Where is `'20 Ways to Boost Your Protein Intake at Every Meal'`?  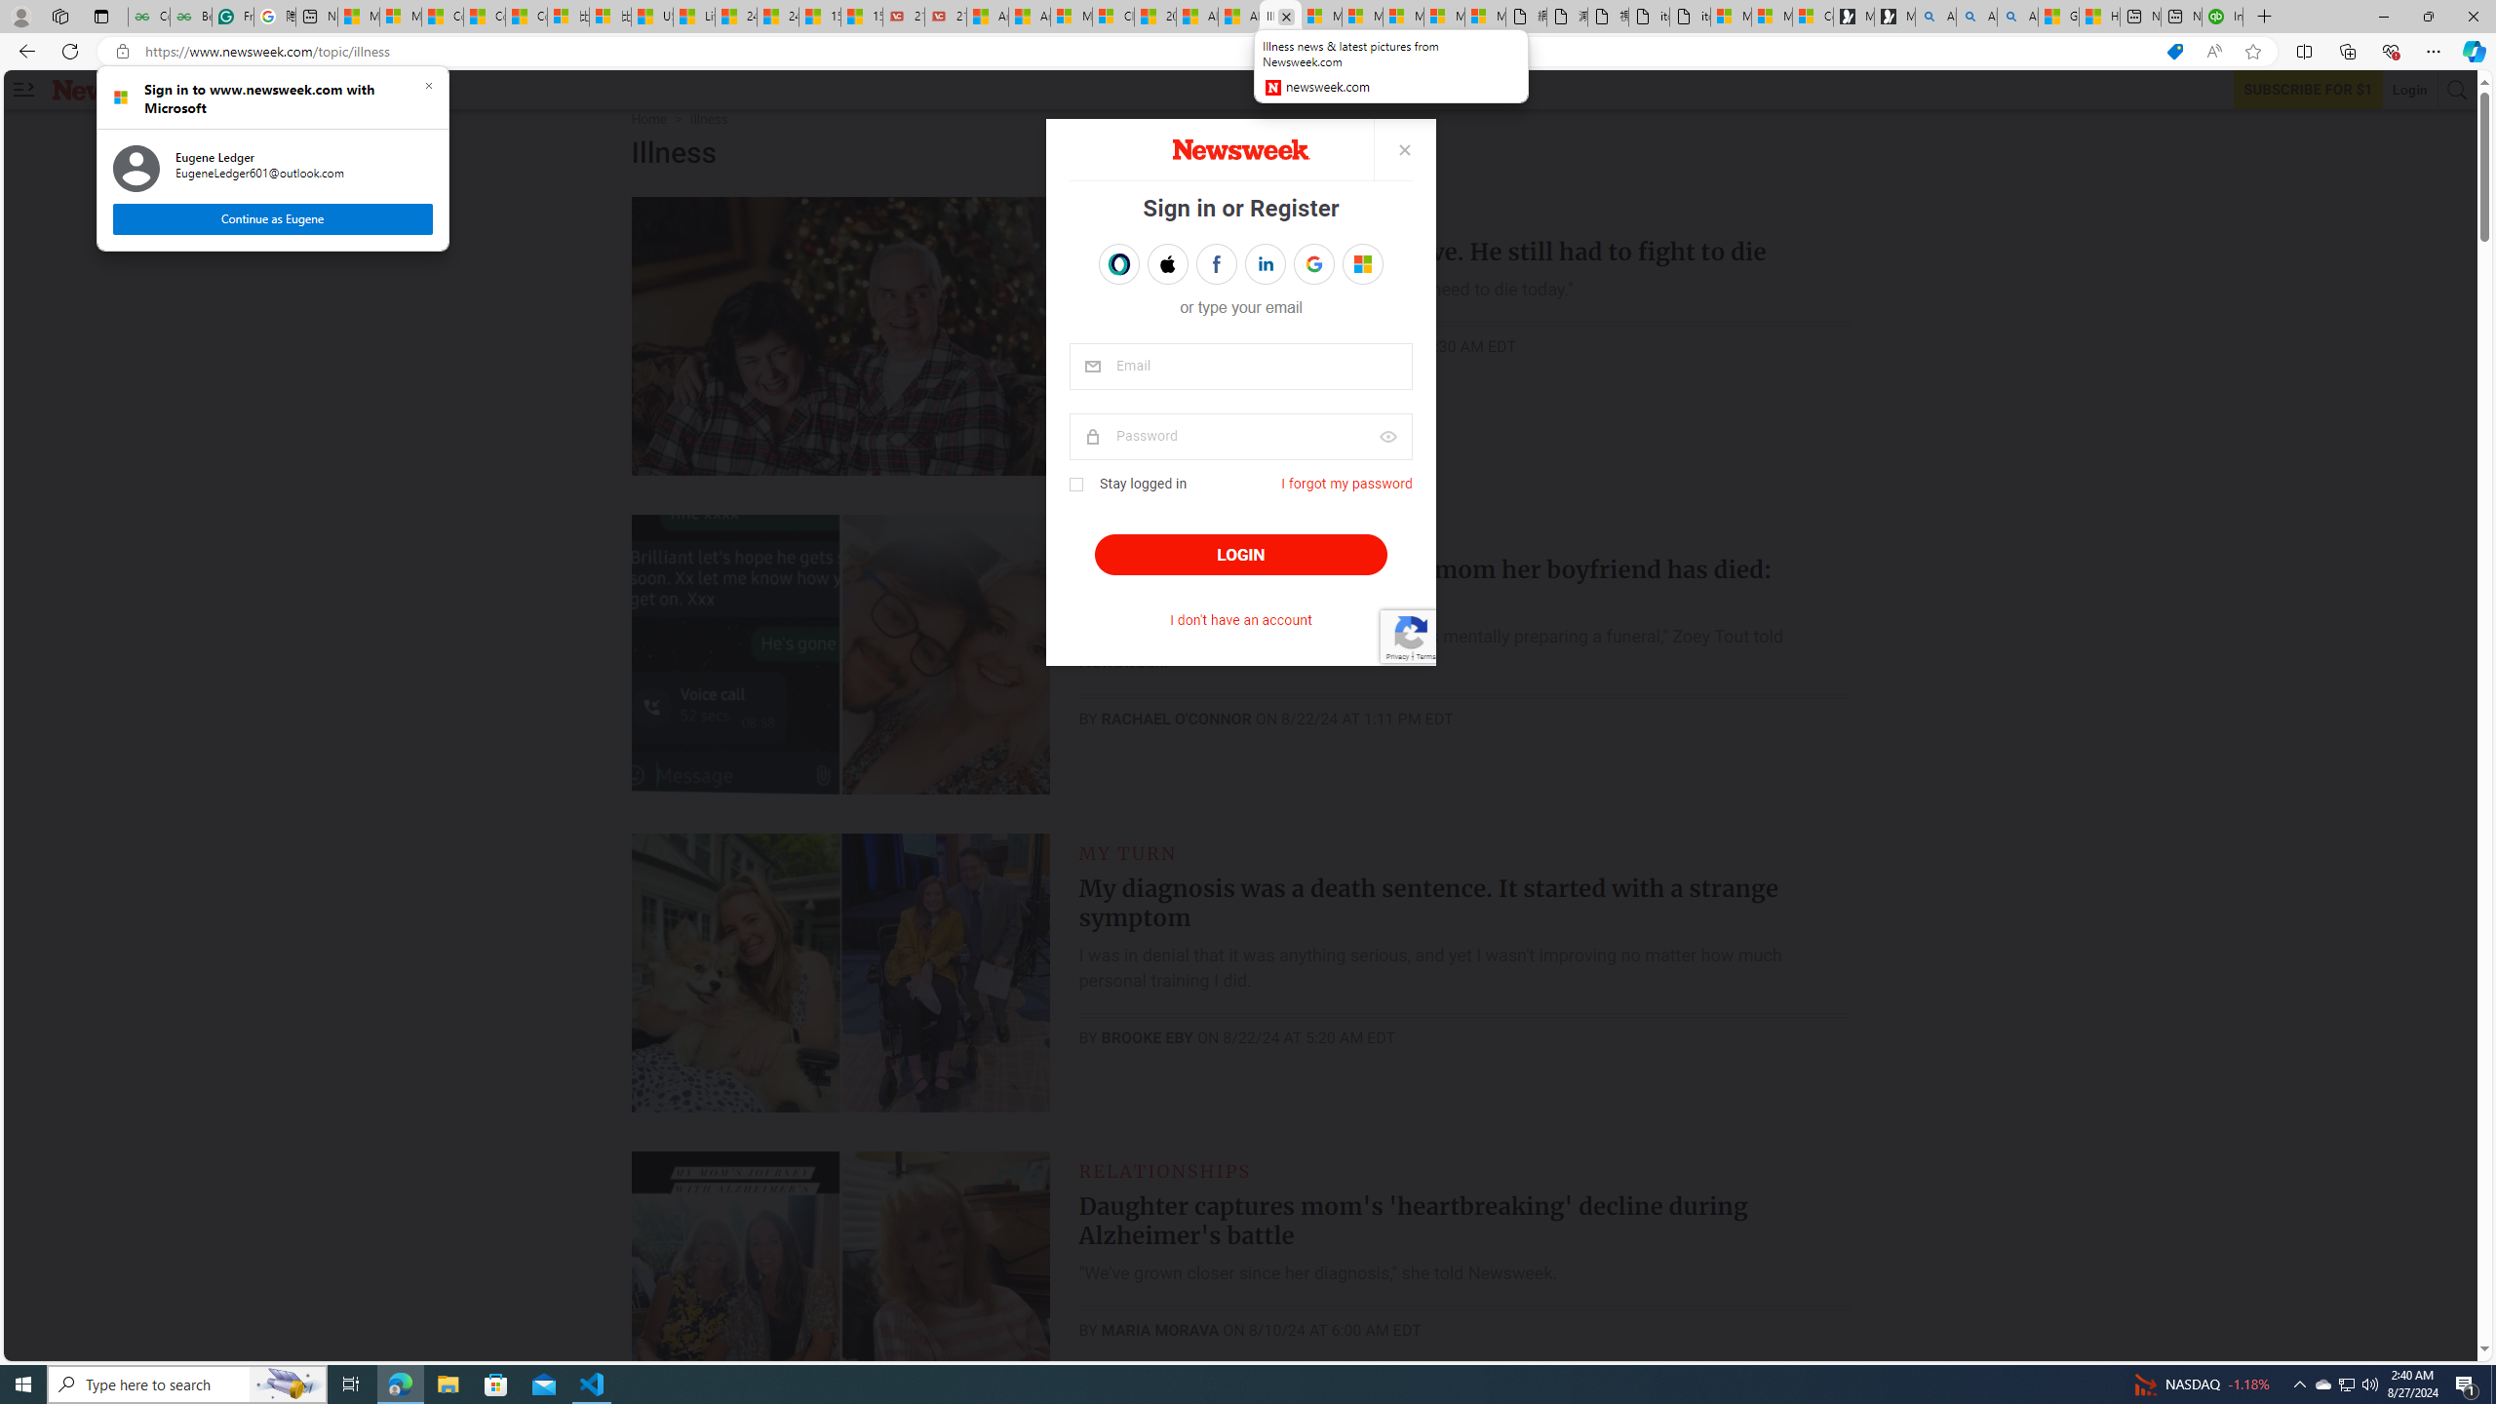 '20 Ways to Boost Your Protein Intake at Every Meal' is located at coordinates (1155, 16).